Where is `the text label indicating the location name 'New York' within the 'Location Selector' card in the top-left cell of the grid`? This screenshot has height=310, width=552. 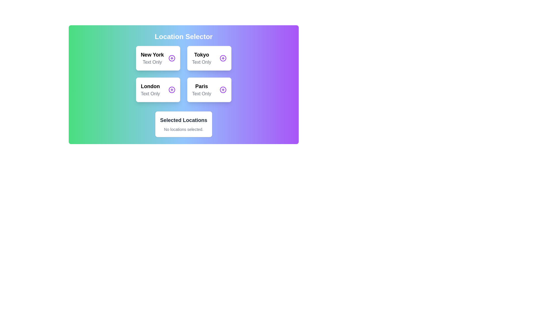
the text label indicating the location name 'New York' within the 'Location Selector' card in the top-left cell of the grid is located at coordinates (152, 55).